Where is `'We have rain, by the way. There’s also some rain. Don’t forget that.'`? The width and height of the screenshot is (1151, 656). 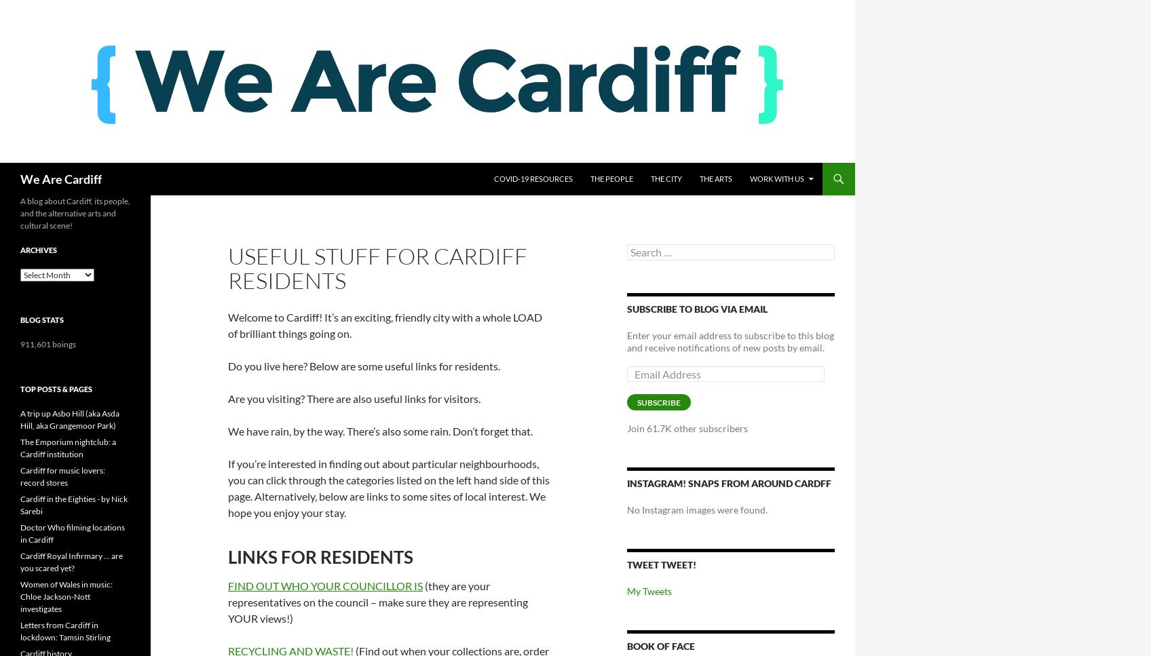
'We have rain, by the way. There’s also some rain. Don’t forget that.' is located at coordinates (379, 430).